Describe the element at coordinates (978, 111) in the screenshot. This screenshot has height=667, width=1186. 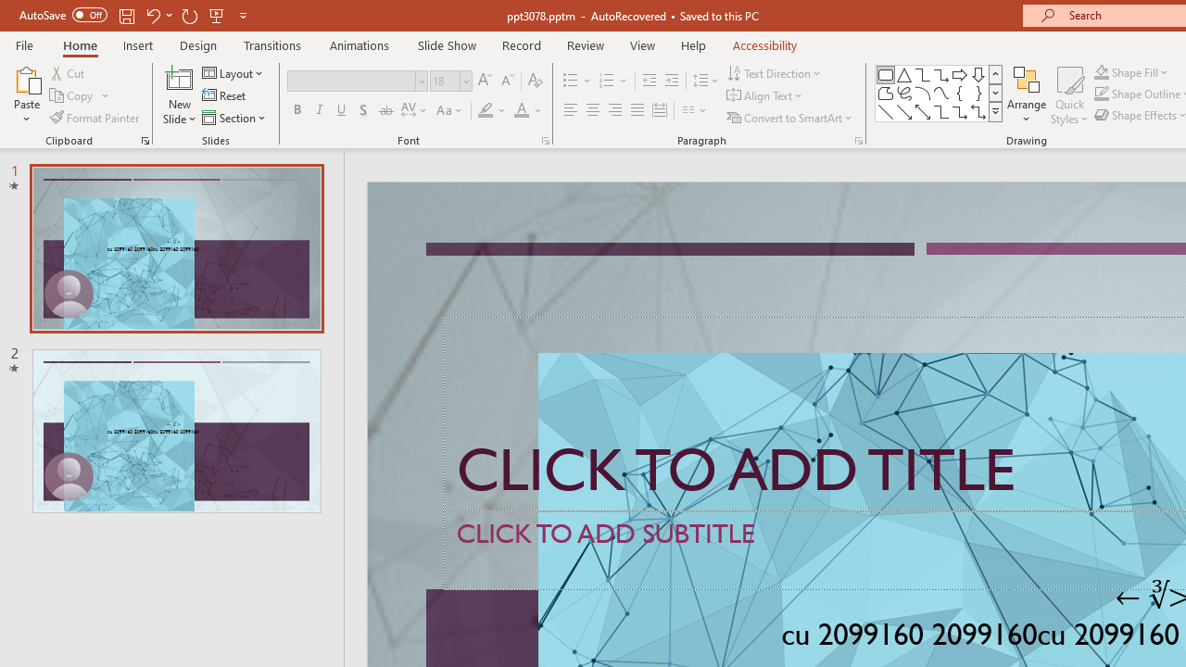
I see `'Connector: Elbow Double-Arrow'` at that location.